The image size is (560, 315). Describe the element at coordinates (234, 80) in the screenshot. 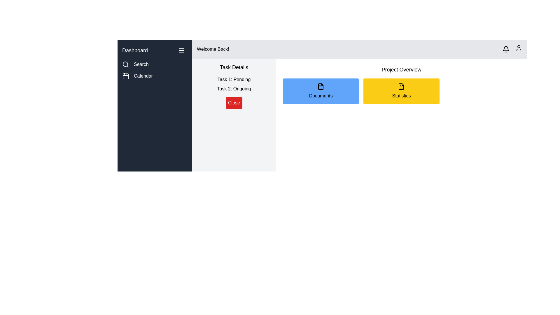

I see `the text label that displays 'Task 1: Pending', which is the first item in the vertical list of tasks under 'Task Details'` at that location.